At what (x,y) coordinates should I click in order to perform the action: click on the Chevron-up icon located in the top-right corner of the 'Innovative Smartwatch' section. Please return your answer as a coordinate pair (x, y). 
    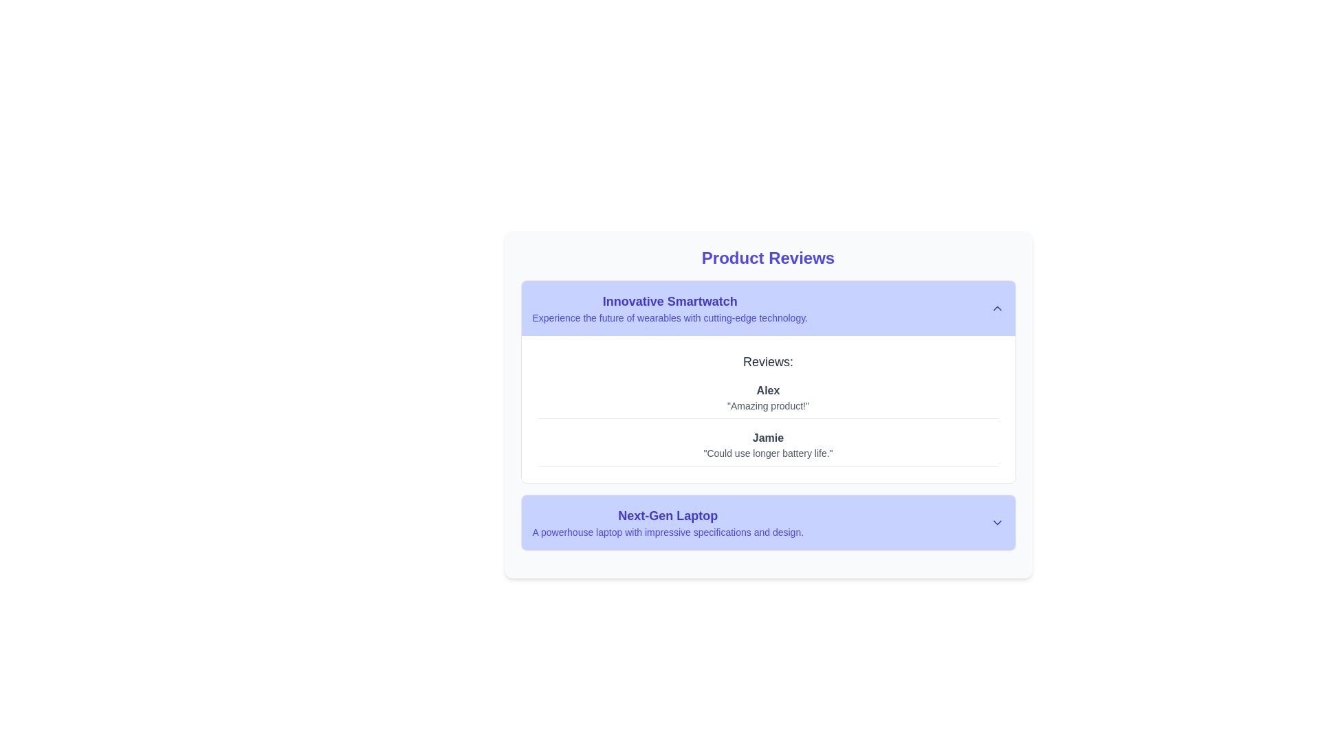
    Looking at the image, I should click on (997, 307).